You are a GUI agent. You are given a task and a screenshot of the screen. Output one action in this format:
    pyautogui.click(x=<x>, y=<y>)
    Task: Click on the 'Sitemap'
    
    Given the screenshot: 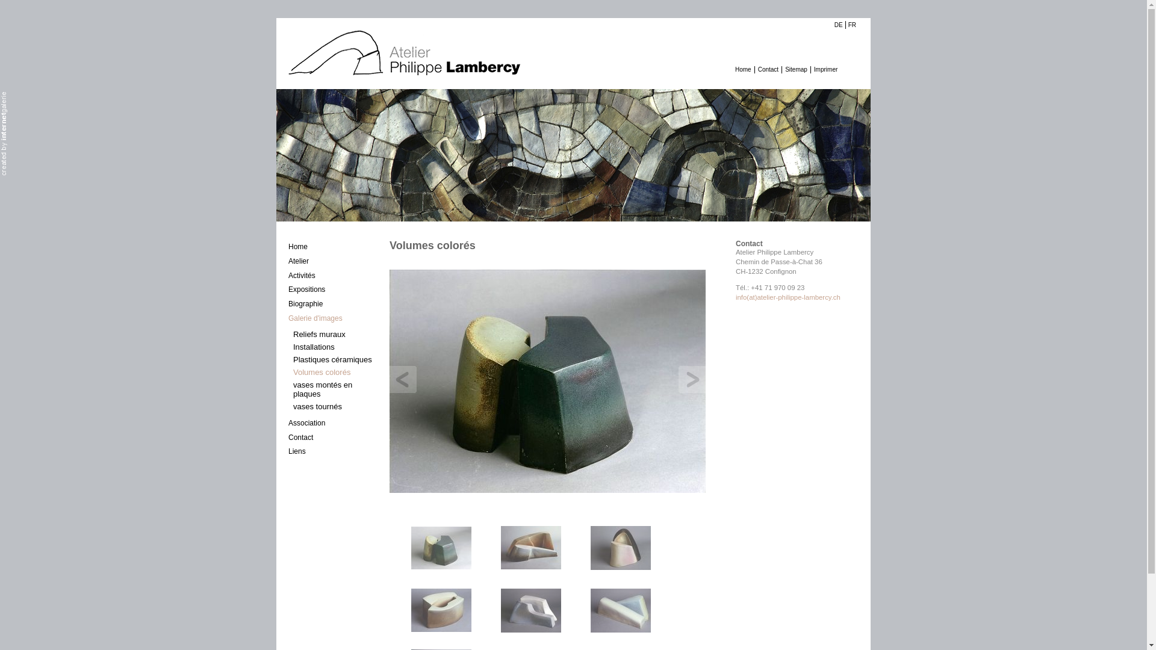 What is the action you would take?
    pyautogui.click(x=796, y=69)
    